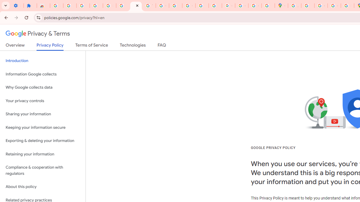 This screenshot has height=202, width=360. I want to click on 'https://scholar.google.com/', so click(175, 6).